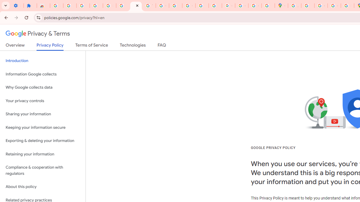 This screenshot has height=202, width=360. I want to click on 'https://scholar.google.com/', so click(175, 6).